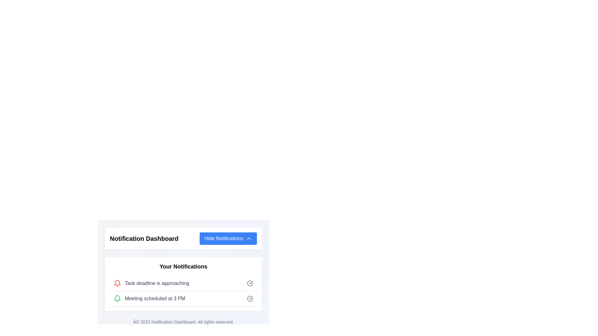 Image resolution: width=598 pixels, height=336 pixels. What do you see at coordinates (250, 283) in the screenshot?
I see `the circular gray button with a checkmark icon located in the notification section next to the text 'Task deadline is approaching'` at bounding box center [250, 283].